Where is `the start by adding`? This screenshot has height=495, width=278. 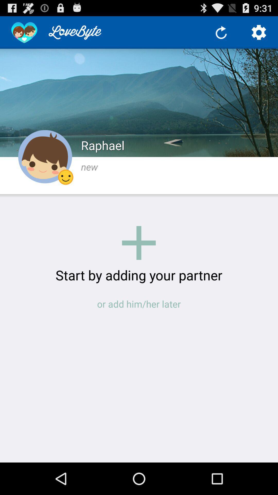
the start by adding is located at coordinates (139, 275).